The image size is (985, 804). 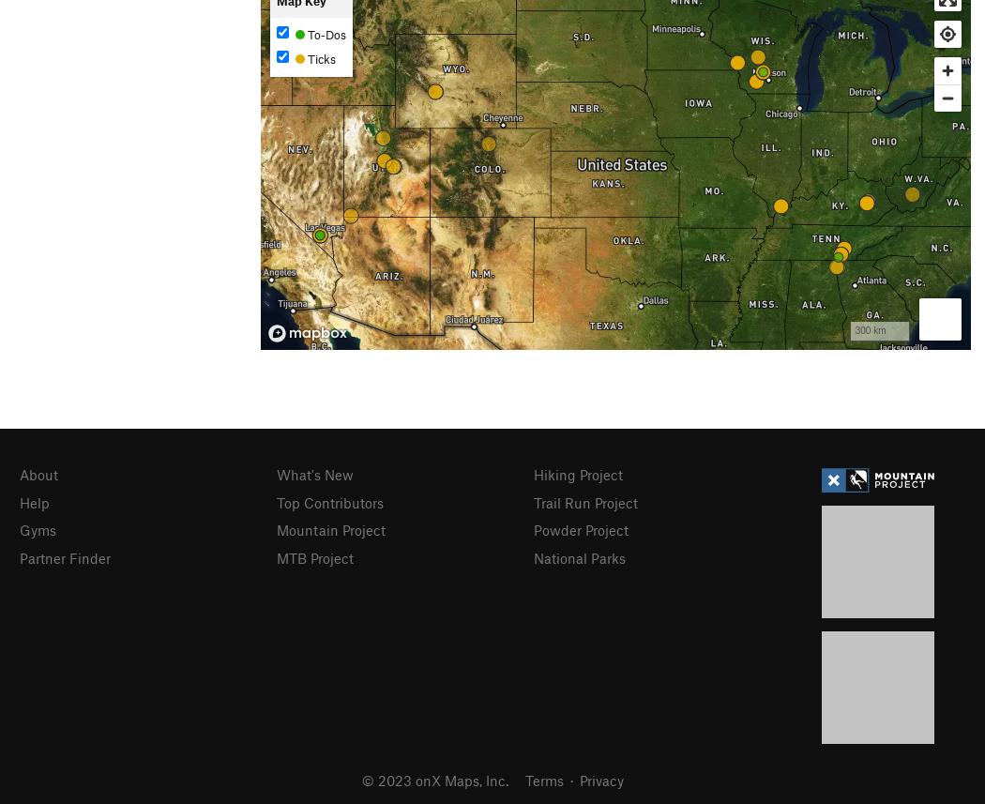 I want to click on 'Gyms', so click(x=37, y=530).